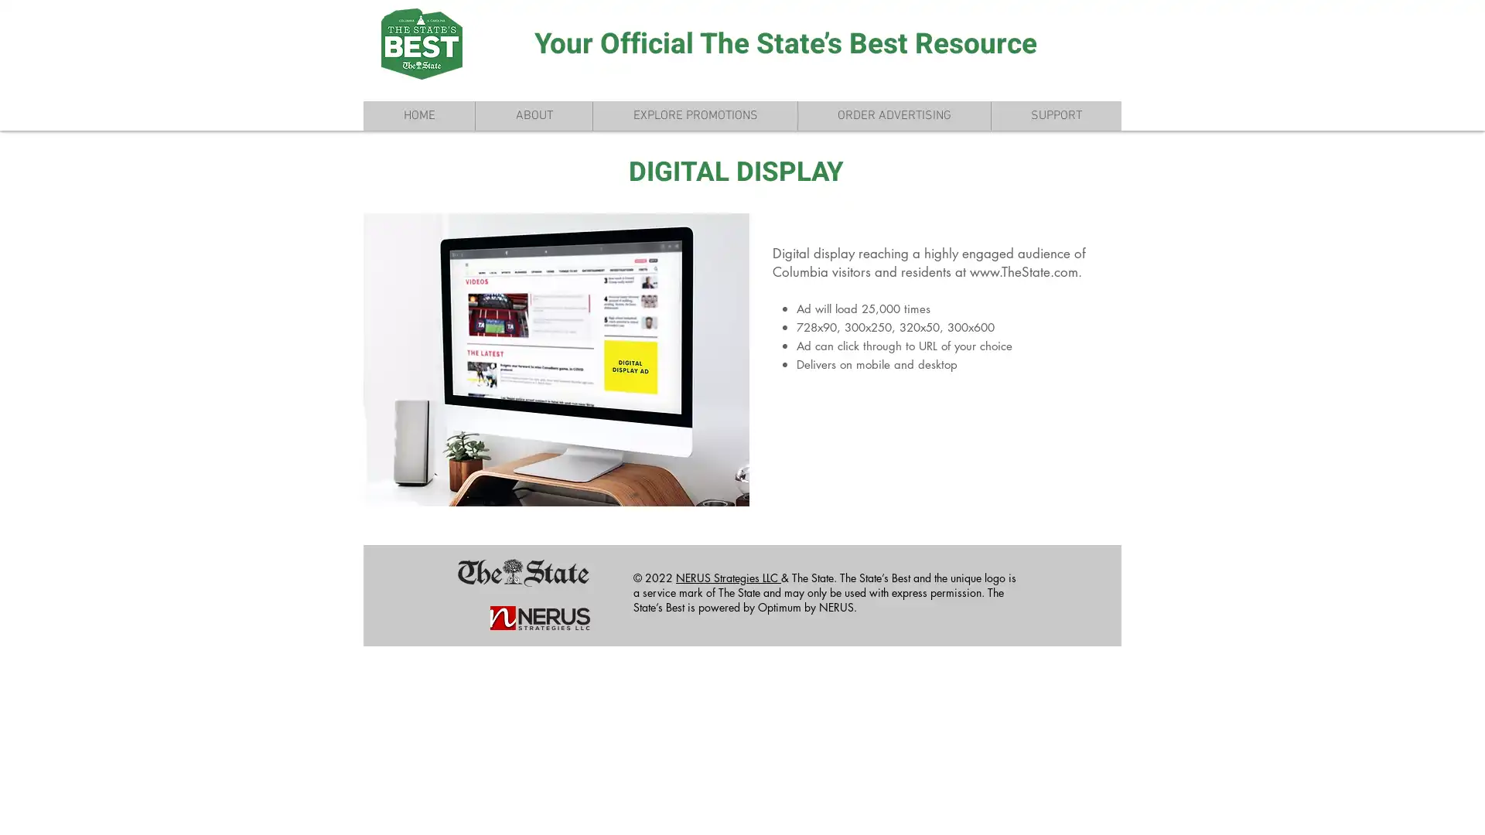 The height and width of the screenshot is (835, 1485). Describe the element at coordinates (1331, 809) in the screenshot. I see `Decline All` at that location.